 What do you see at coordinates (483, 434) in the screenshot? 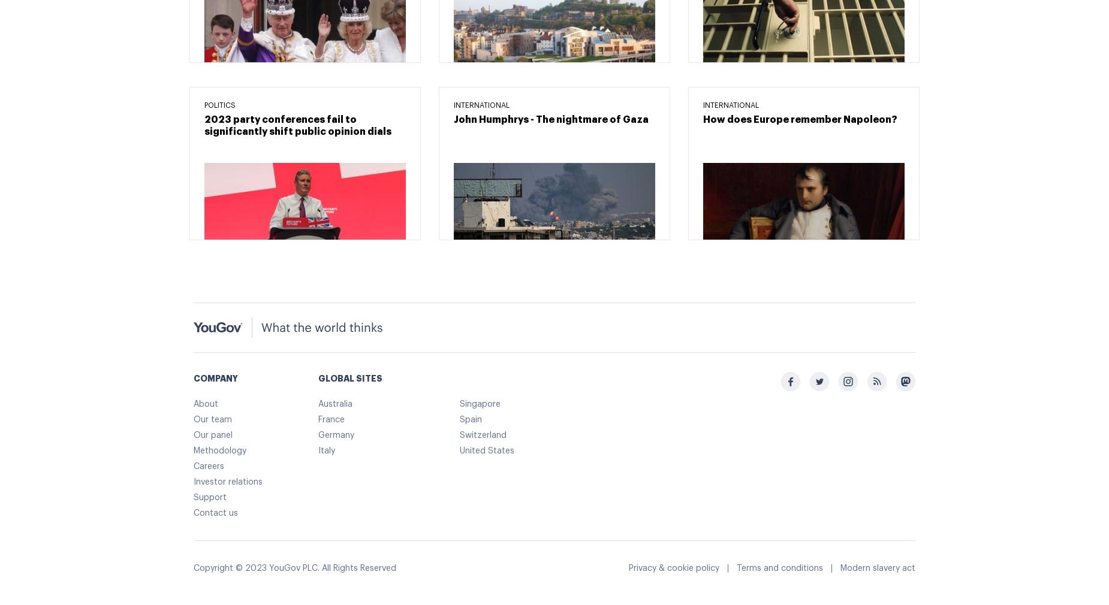
I see `'Switzerland'` at bounding box center [483, 434].